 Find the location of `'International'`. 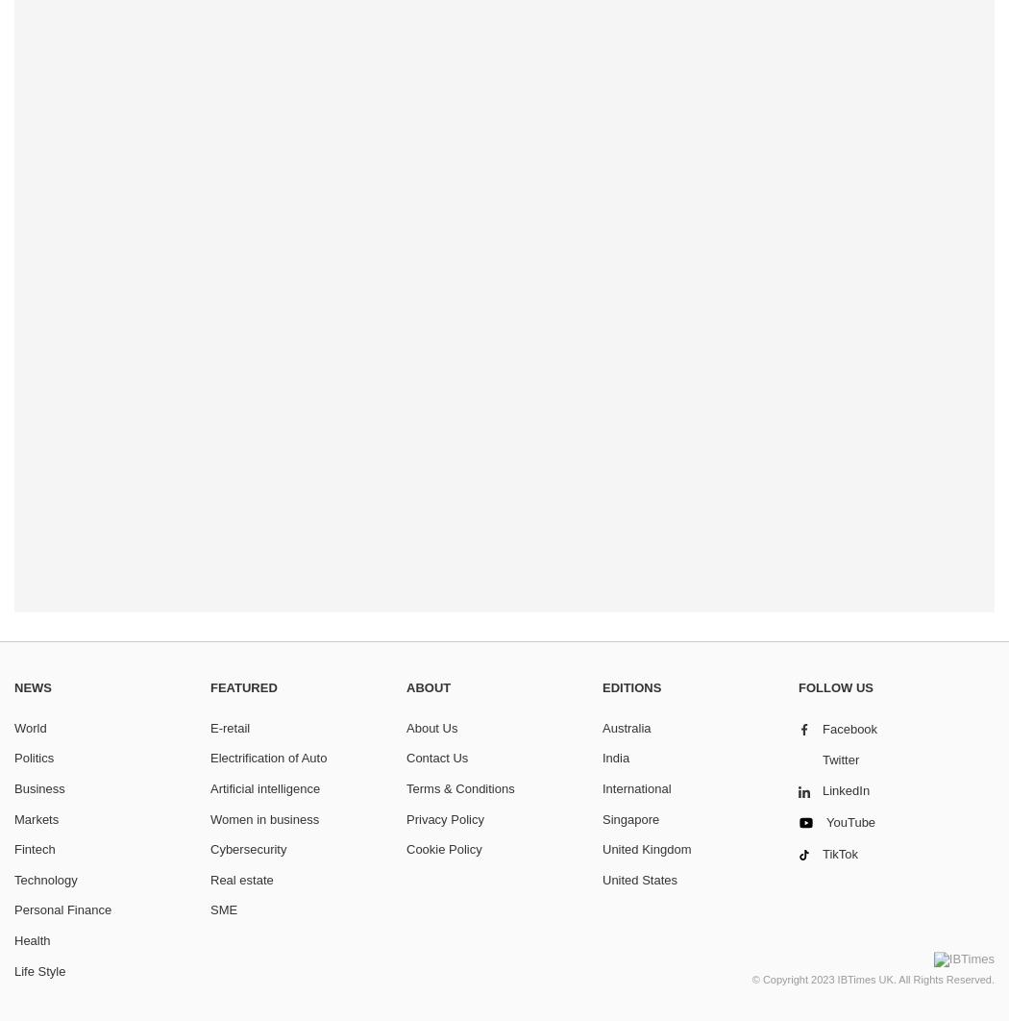

'International' is located at coordinates (635, 787).